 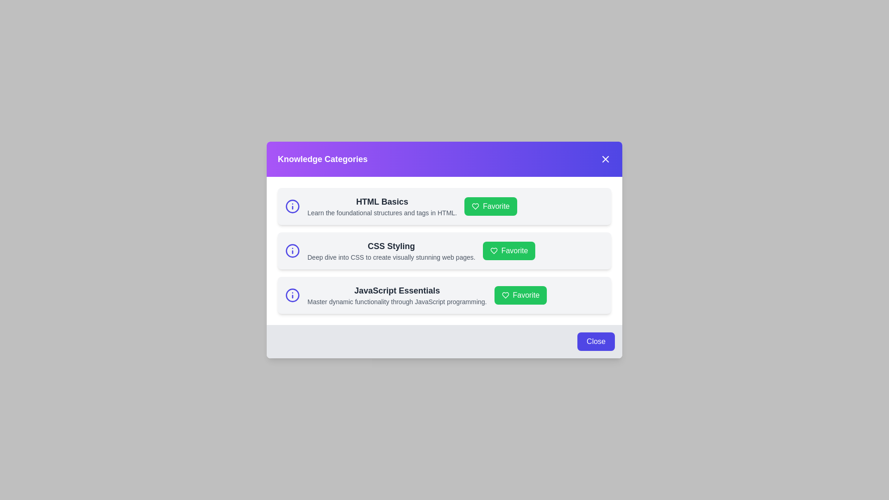 I want to click on the Informational icon (SVG graphic) styled with a blue color, positioned to the left of the 'JavaScript Essentials' text, to gather related context, so click(x=292, y=295).